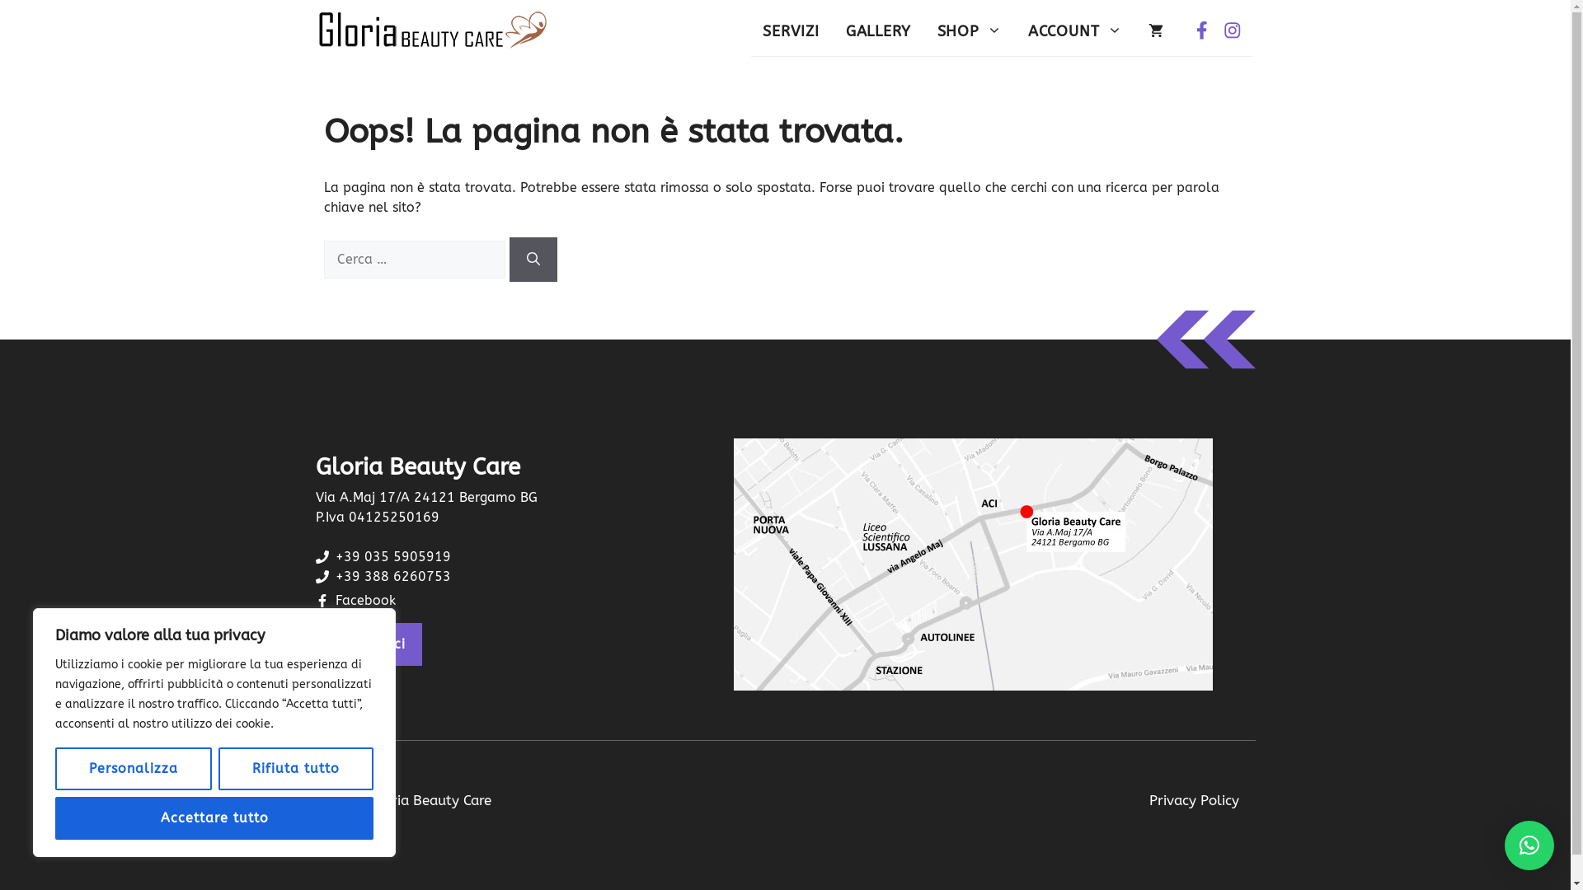  I want to click on 'Personalizza', so click(134, 769).